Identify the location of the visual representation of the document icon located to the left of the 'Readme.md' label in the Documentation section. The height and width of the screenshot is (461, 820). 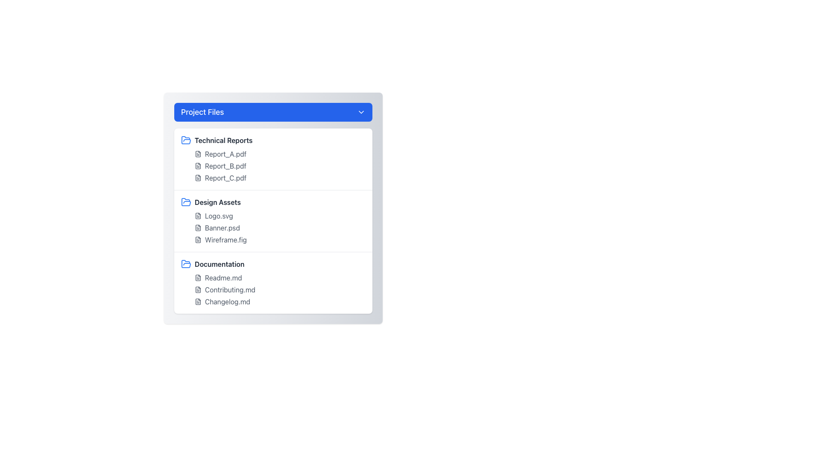
(198, 278).